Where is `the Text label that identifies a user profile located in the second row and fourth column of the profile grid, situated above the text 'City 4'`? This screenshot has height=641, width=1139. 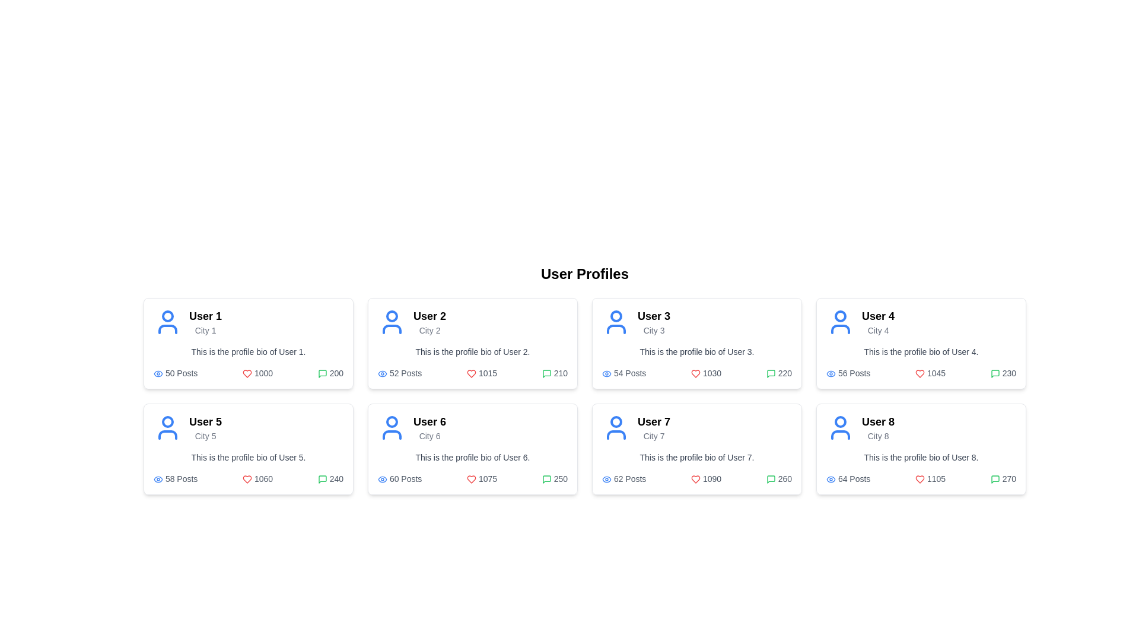
the Text label that identifies a user profile located in the second row and fourth column of the profile grid, situated above the text 'City 4' is located at coordinates (878, 315).